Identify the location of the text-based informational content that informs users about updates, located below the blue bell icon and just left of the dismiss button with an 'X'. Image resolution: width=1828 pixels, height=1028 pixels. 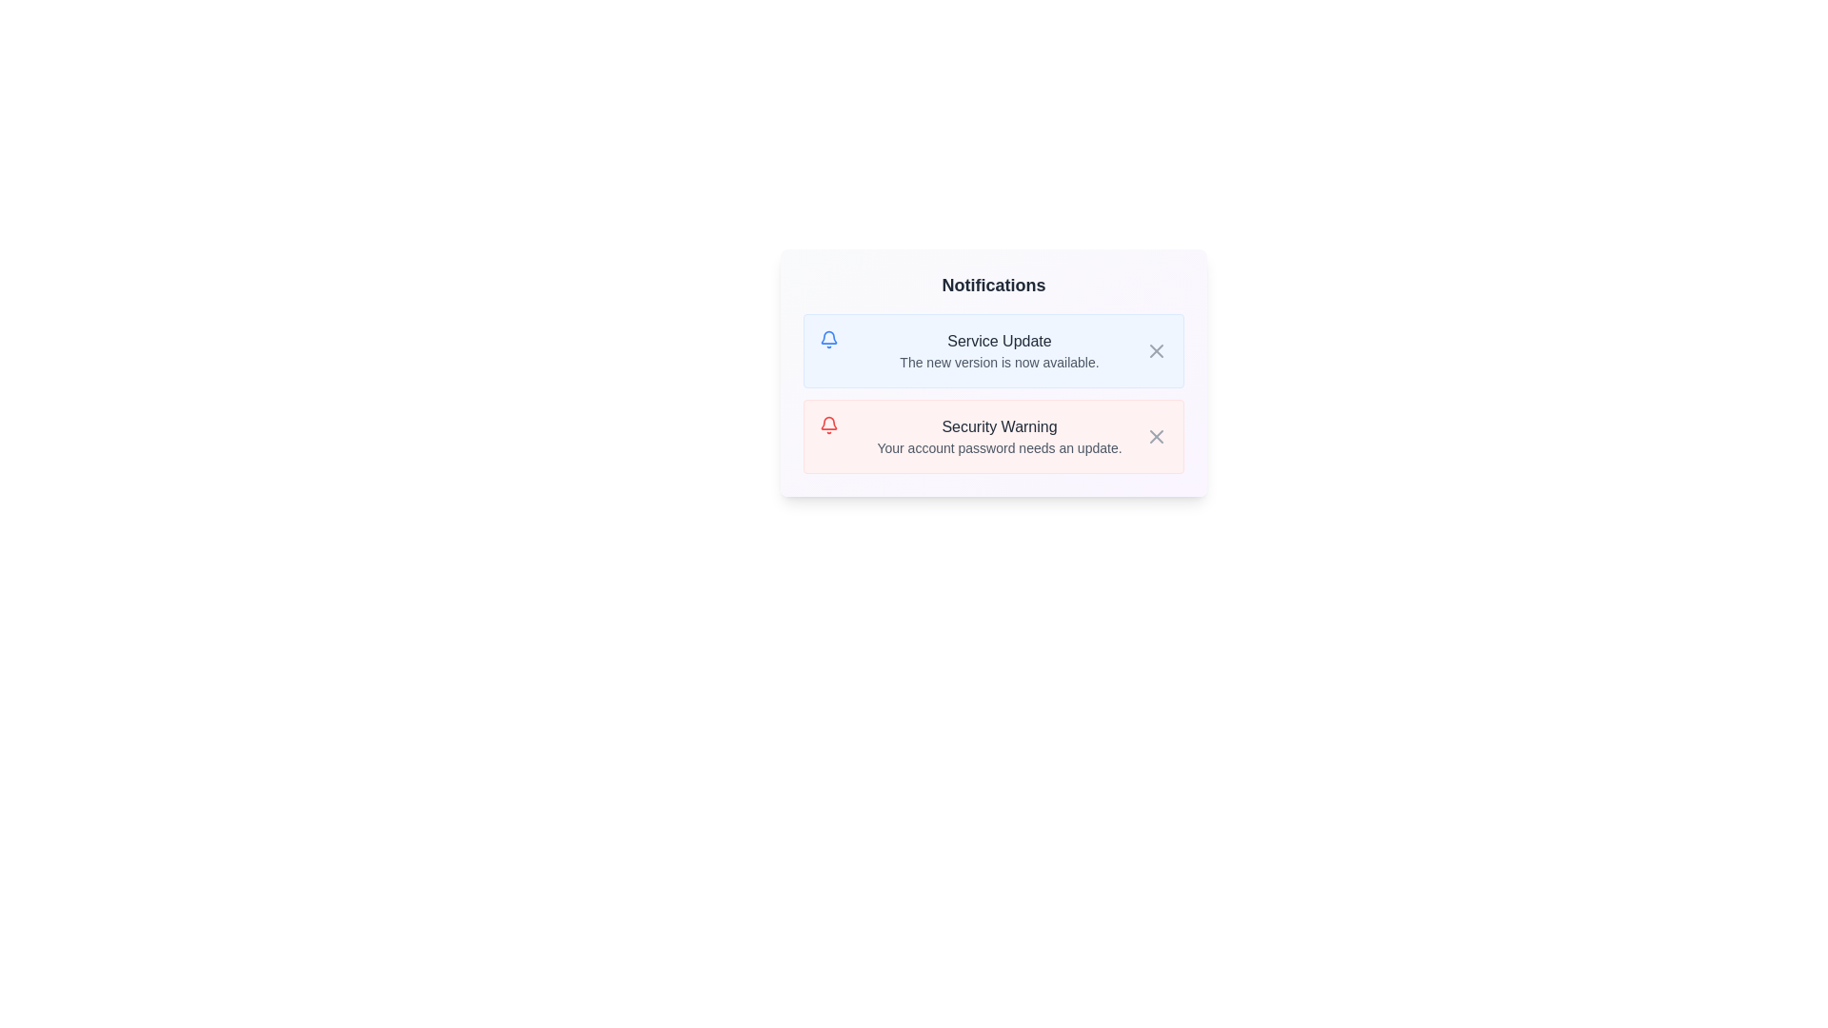
(999, 351).